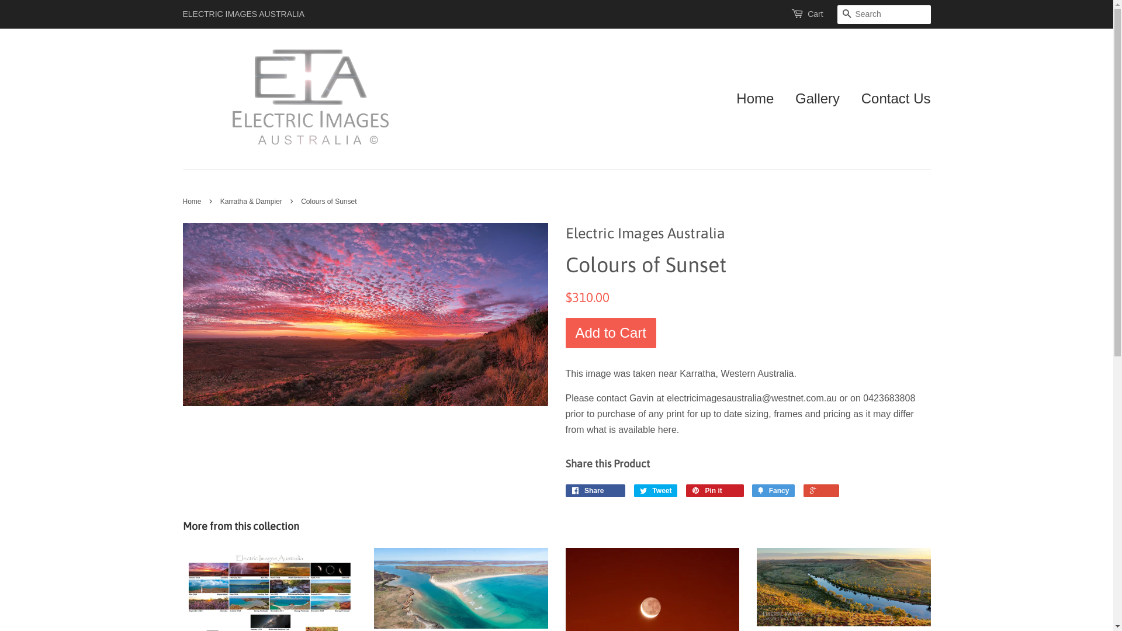 The image size is (1122, 631). What do you see at coordinates (891, 98) in the screenshot?
I see `'Contact Us'` at bounding box center [891, 98].